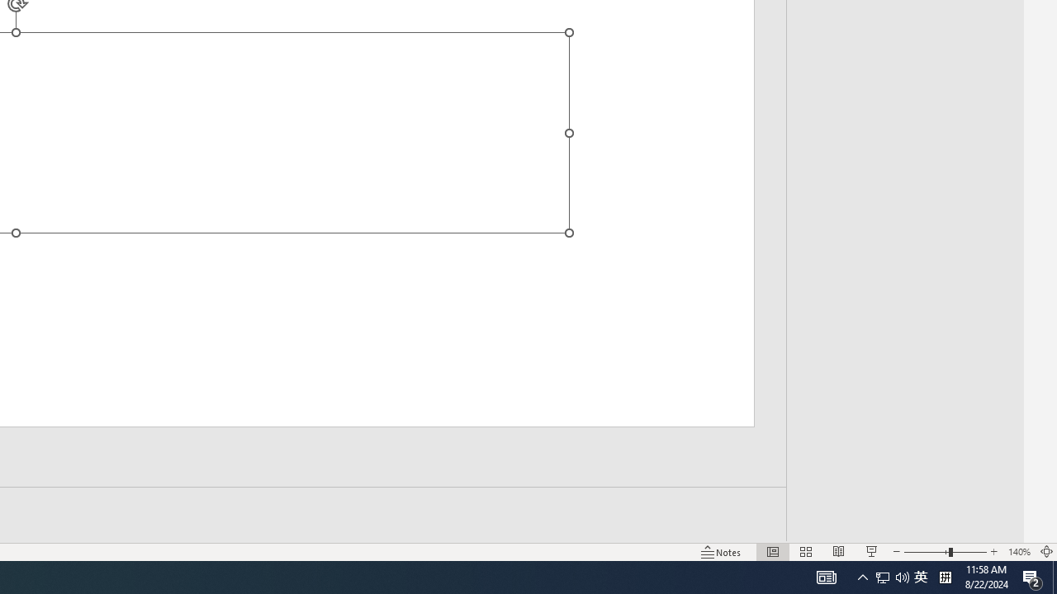 This screenshot has width=1057, height=594. What do you see at coordinates (1018, 552) in the screenshot?
I see `'Zoom 140%'` at bounding box center [1018, 552].